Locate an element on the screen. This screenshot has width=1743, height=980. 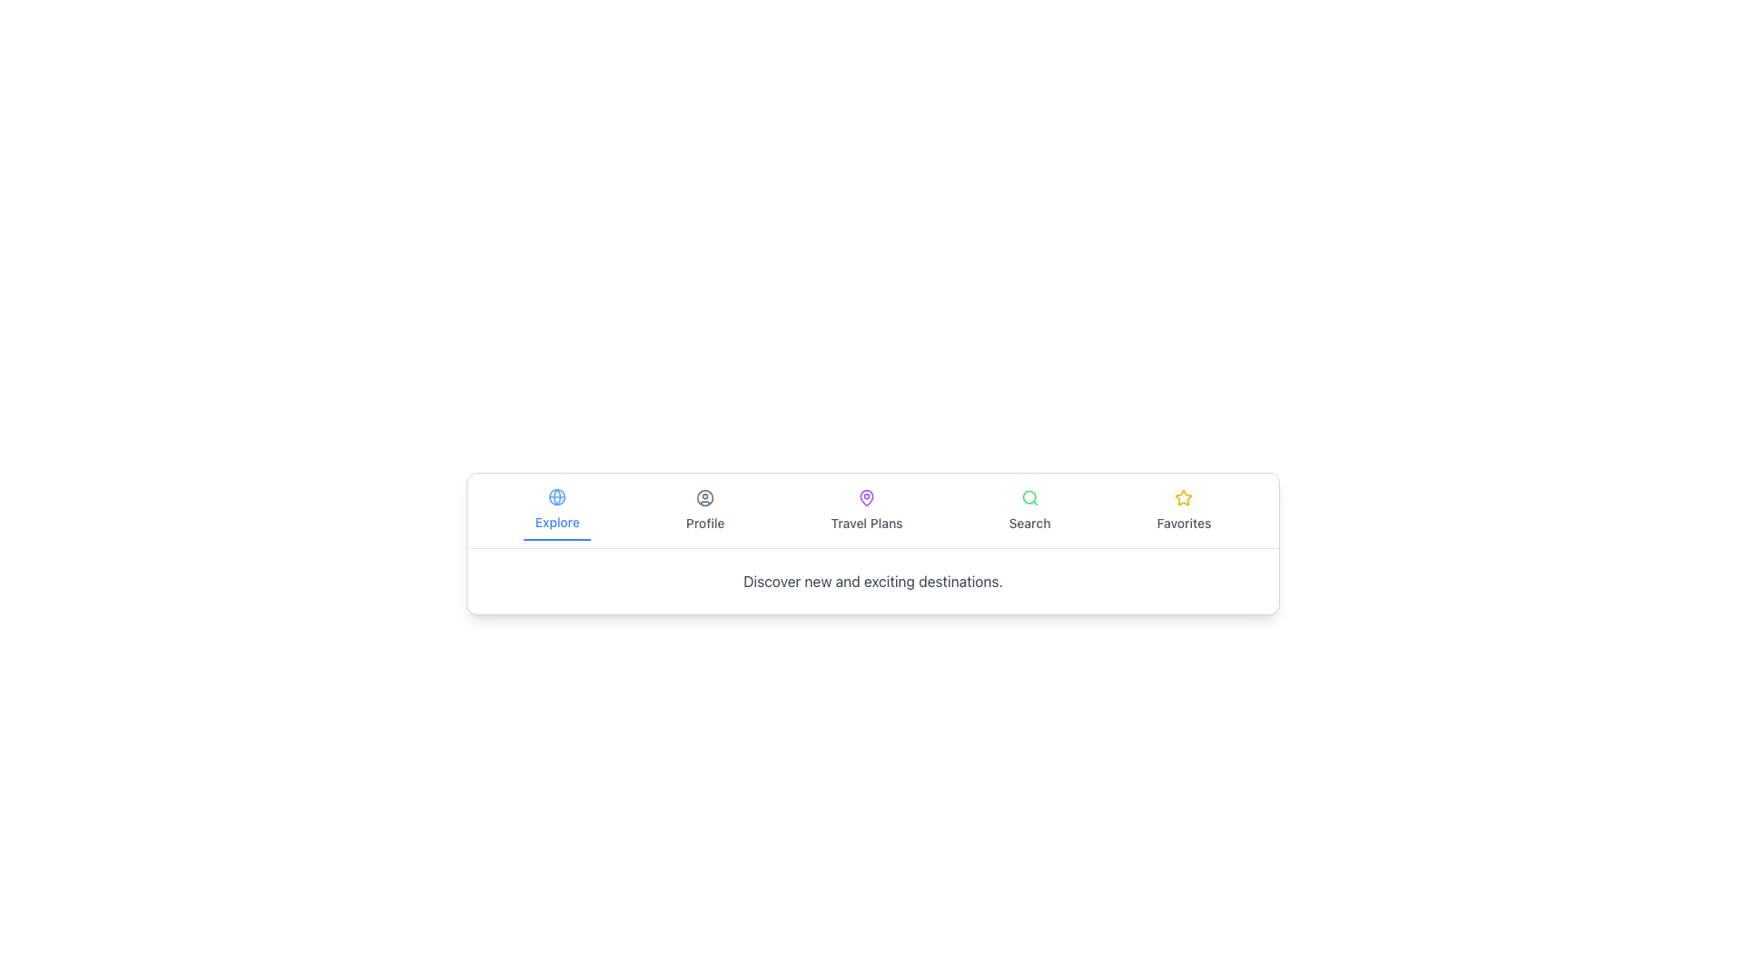
the Navigation Button located at the leftmost end of the horizontal navigation bar is located at coordinates (556, 511).